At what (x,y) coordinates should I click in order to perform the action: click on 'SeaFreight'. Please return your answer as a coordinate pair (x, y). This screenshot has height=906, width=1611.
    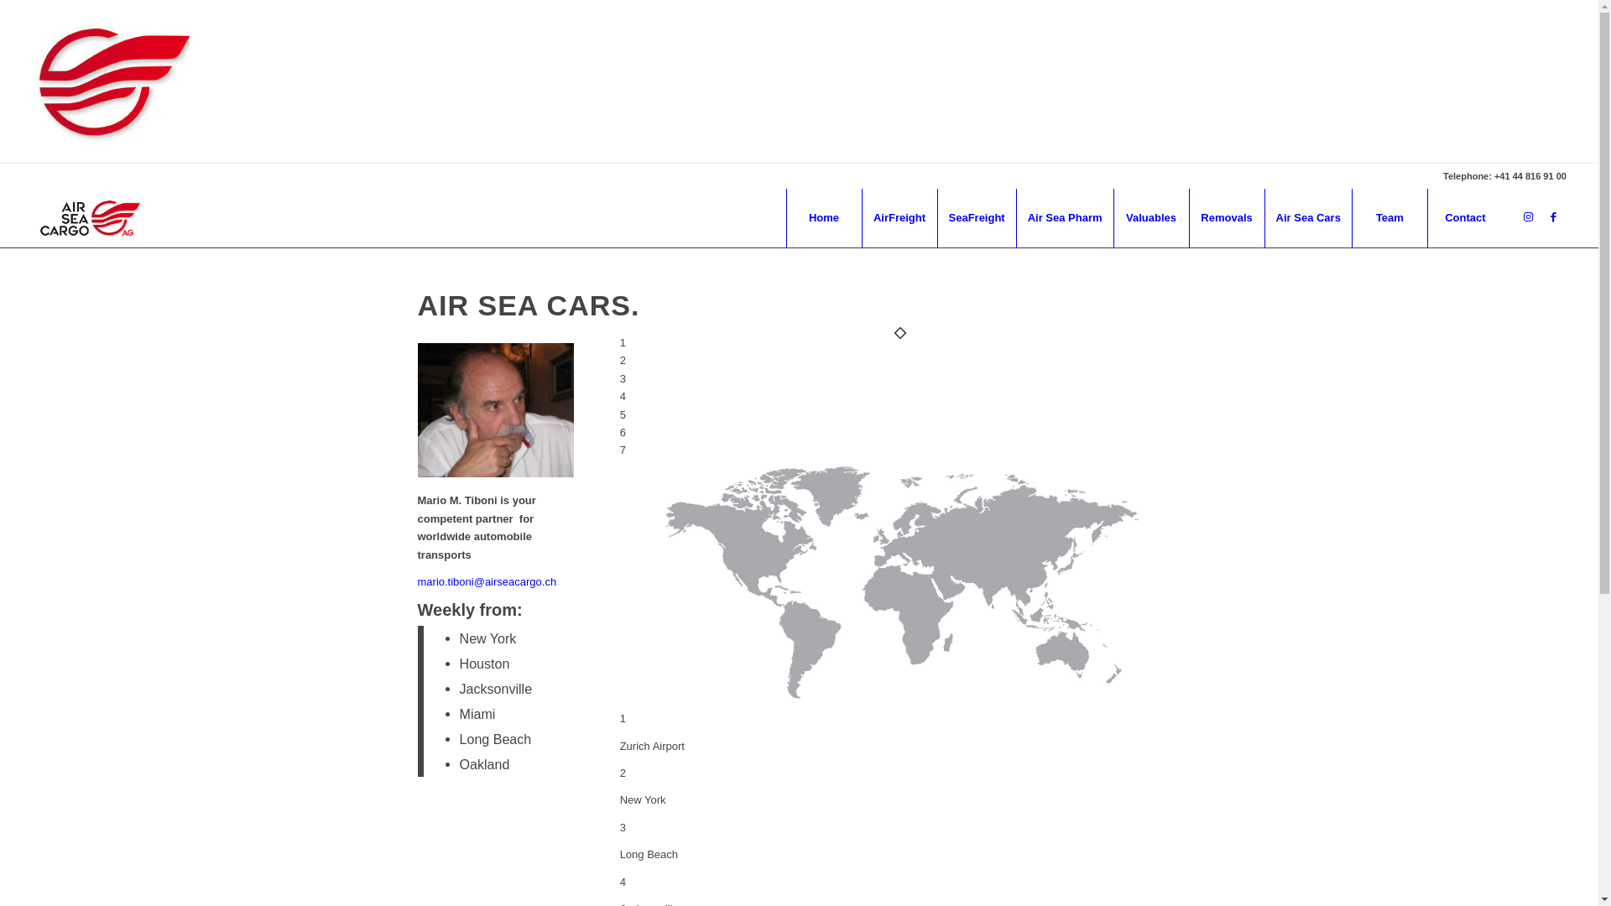
    Looking at the image, I should click on (936, 216).